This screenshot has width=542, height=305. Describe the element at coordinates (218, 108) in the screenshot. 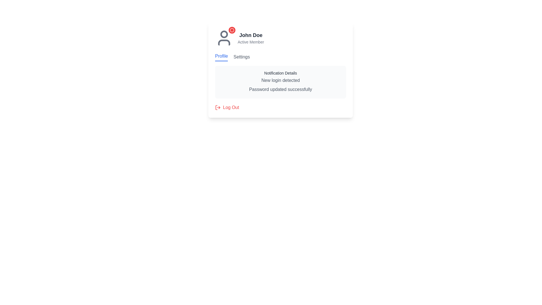

I see `the logout icon, which is a minimalist design featuring a right-arrow pointing towards an open doorway, located at the bottom-left corner of the card interface, preceding the text label 'Log Out'` at that location.